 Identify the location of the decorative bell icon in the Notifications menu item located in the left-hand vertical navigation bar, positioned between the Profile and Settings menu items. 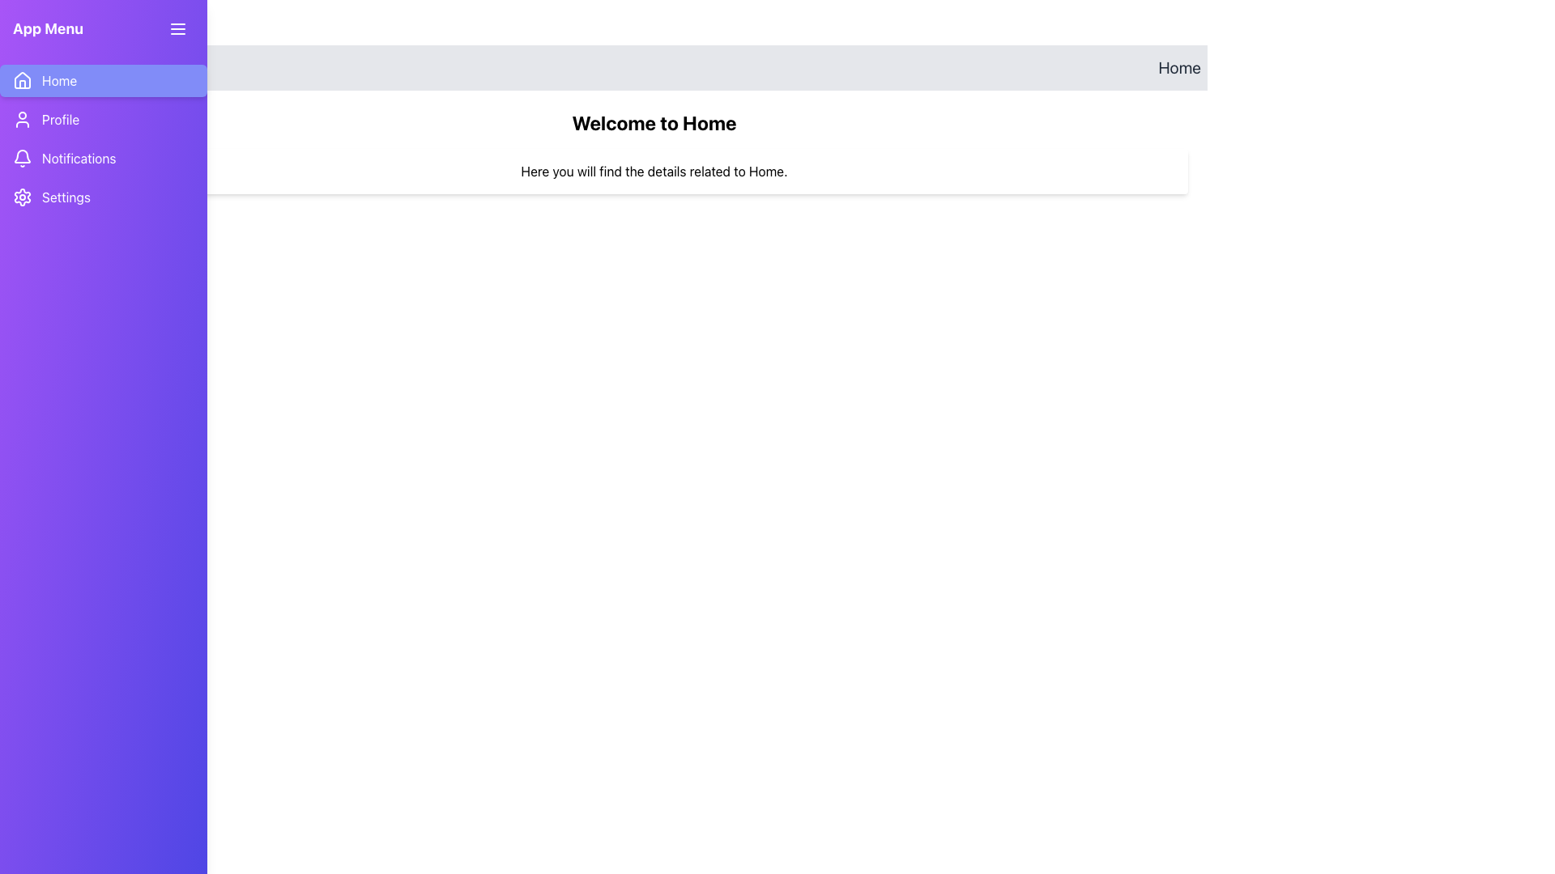
(23, 156).